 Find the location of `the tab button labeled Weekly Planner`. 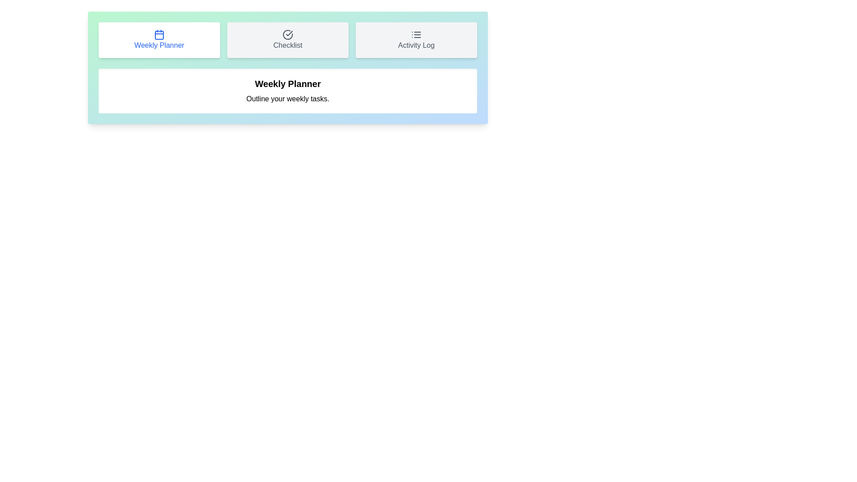

the tab button labeled Weekly Planner is located at coordinates (159, 39).